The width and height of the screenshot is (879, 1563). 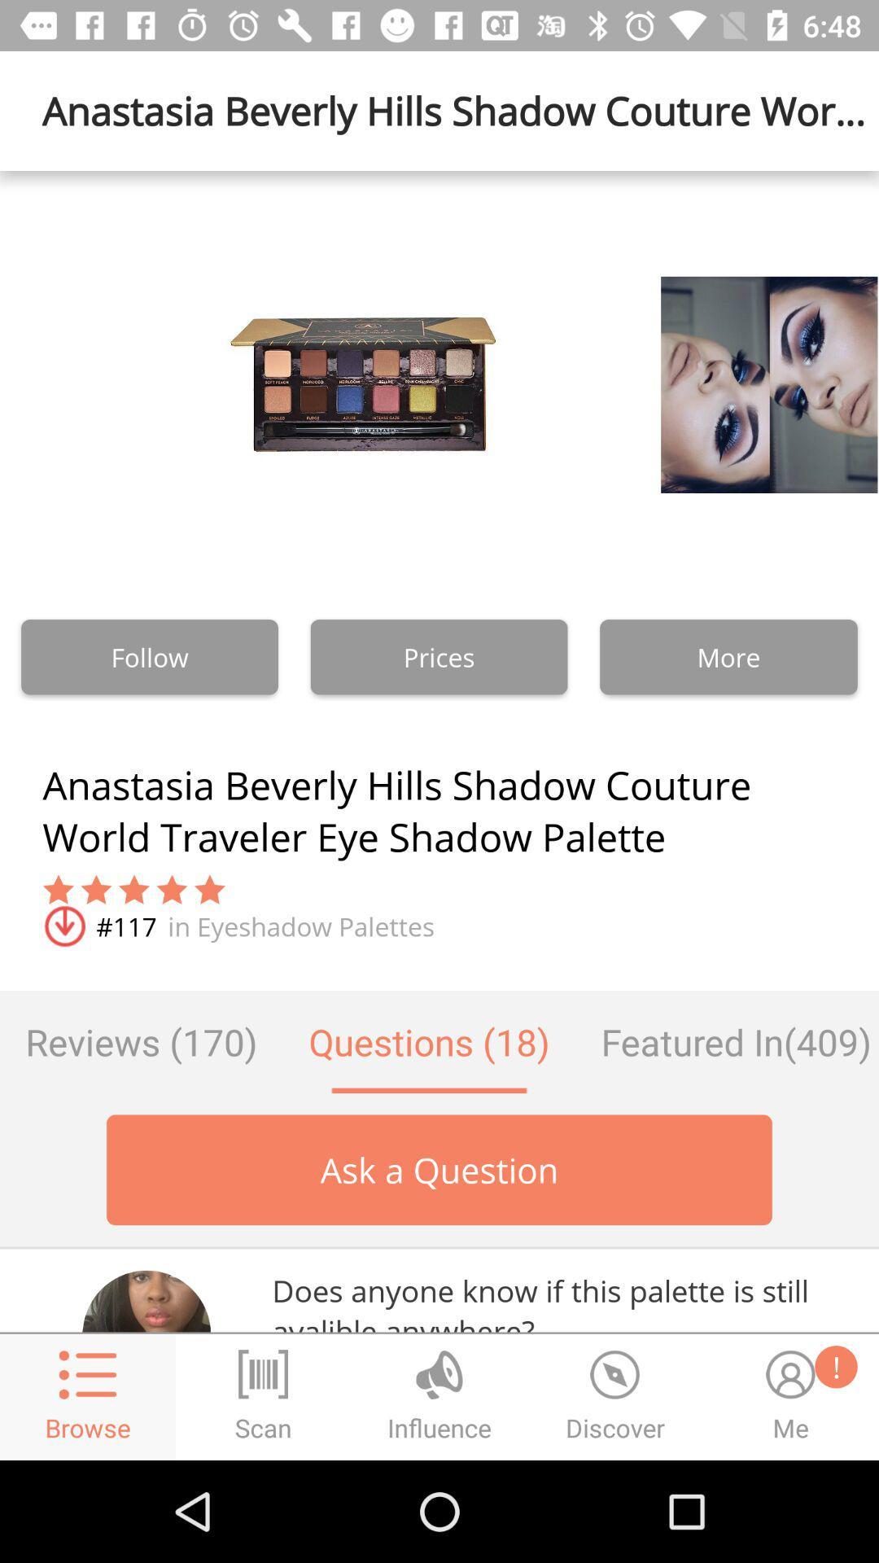 What do you see at coordinates (63, 926) in the screenshot?
I see `the red circle with downward arrow button which is above reviews 170` at bounding box center [63, 926].